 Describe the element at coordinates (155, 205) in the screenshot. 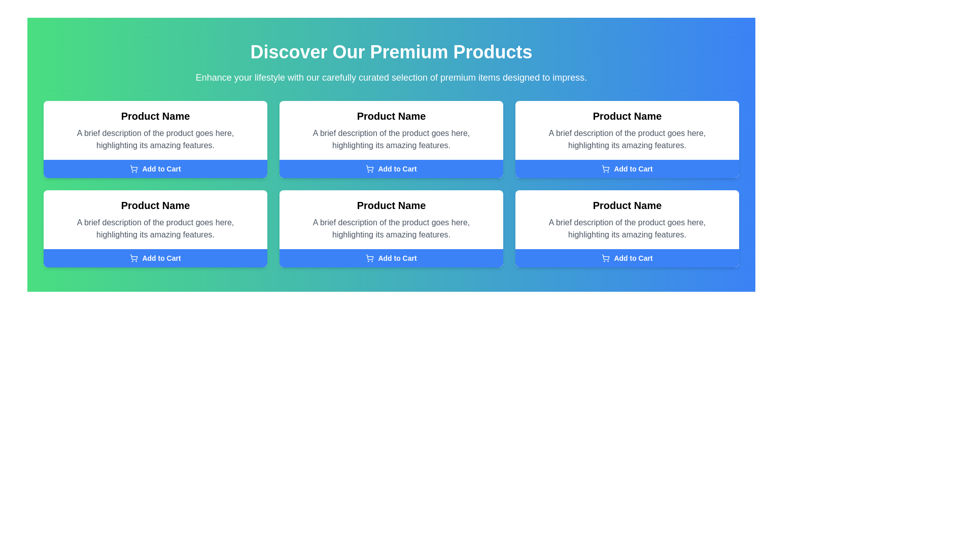

I see `the bold, black text label reading 'Product Name' at the top of the card in the second row and first column of the grid layout` at that location.